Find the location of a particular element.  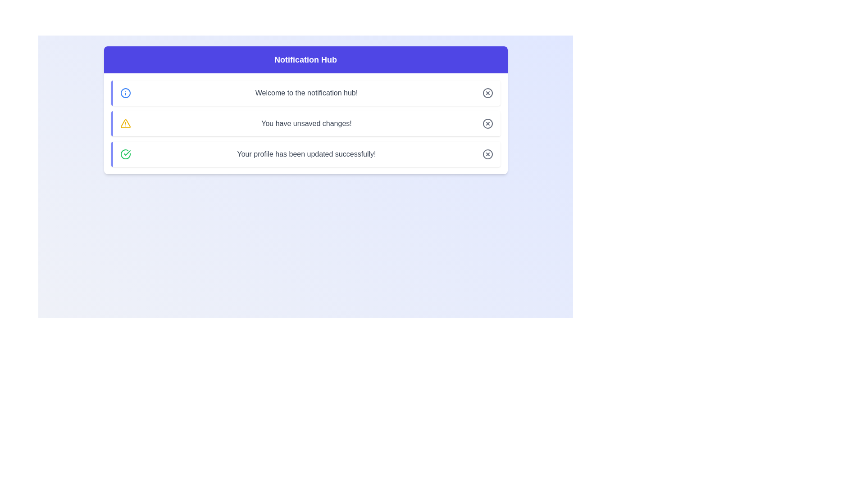

the SVG circle element that is part of the 'You have unsaved changes!' notification, located on the second row near the right-hand side is located at coordinates (487, 123).